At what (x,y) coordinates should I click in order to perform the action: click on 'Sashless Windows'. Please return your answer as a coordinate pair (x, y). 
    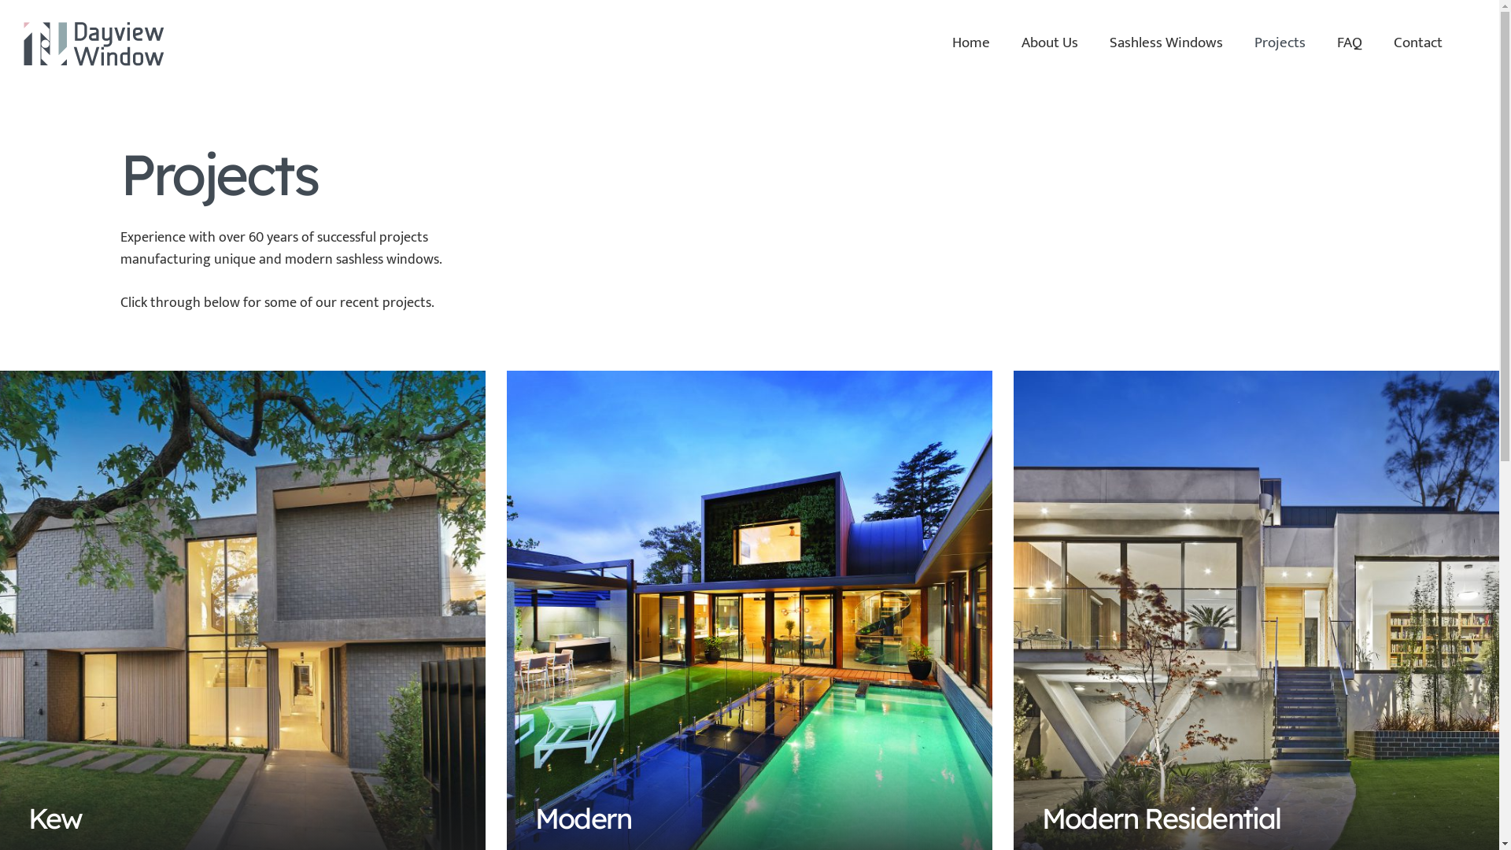
    Looking at the image, I should click on (1093, 42).